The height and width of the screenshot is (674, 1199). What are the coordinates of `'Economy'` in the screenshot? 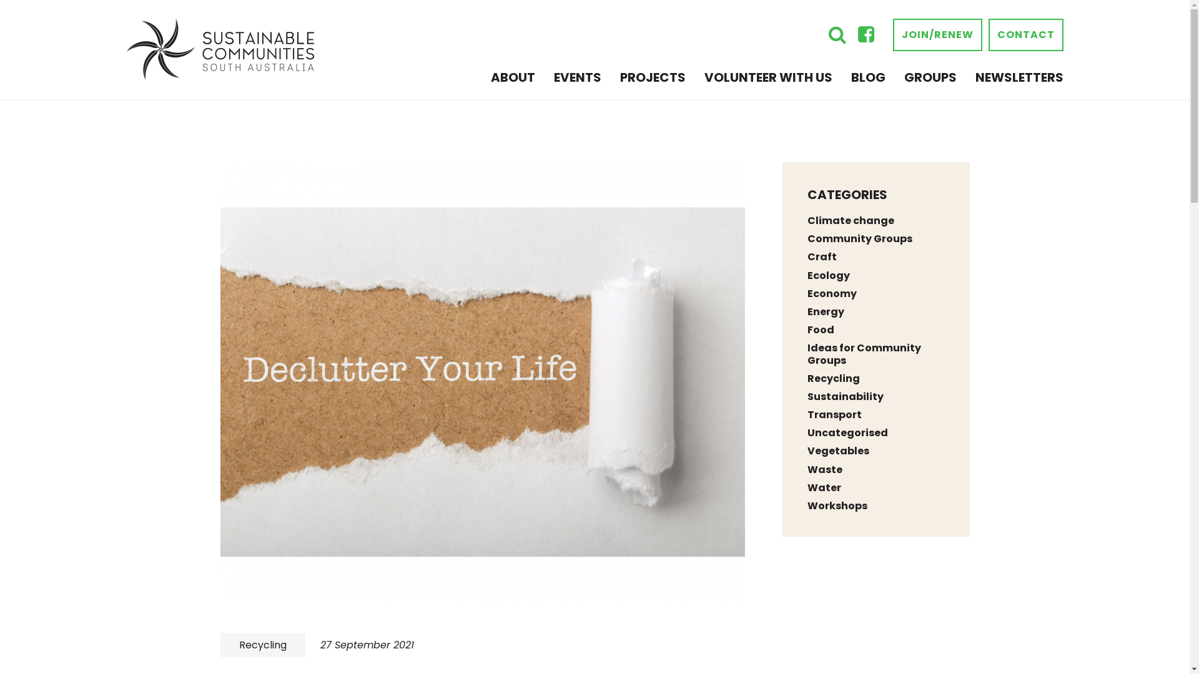 It's located at (831, 293).